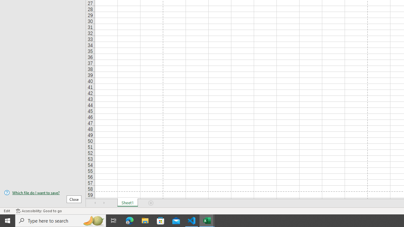 This screenshot has height=227, width=404. I want to click on 'Close', so click(74, 199).